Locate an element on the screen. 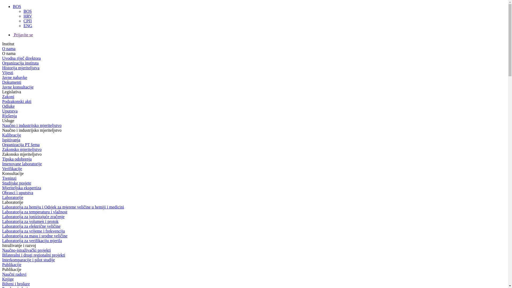 This screenshot has width=512, height=288. 'Zakoni' is located at coordinates (8, 97).